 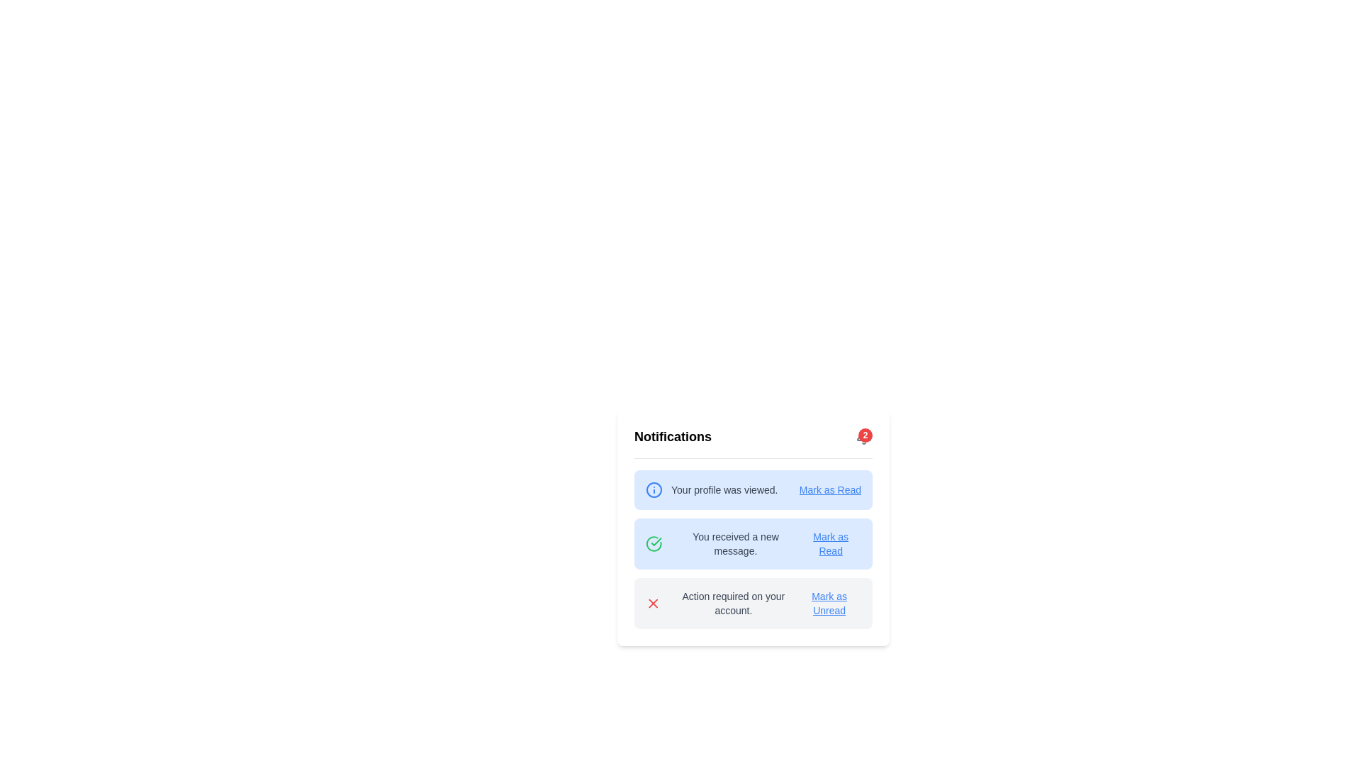 I want to click on the graphical vector shape that symbolizes an alert or an error message, located in the bottom notification item, to the left of the text 'Action required on your account.', so click(x=652, y=604).